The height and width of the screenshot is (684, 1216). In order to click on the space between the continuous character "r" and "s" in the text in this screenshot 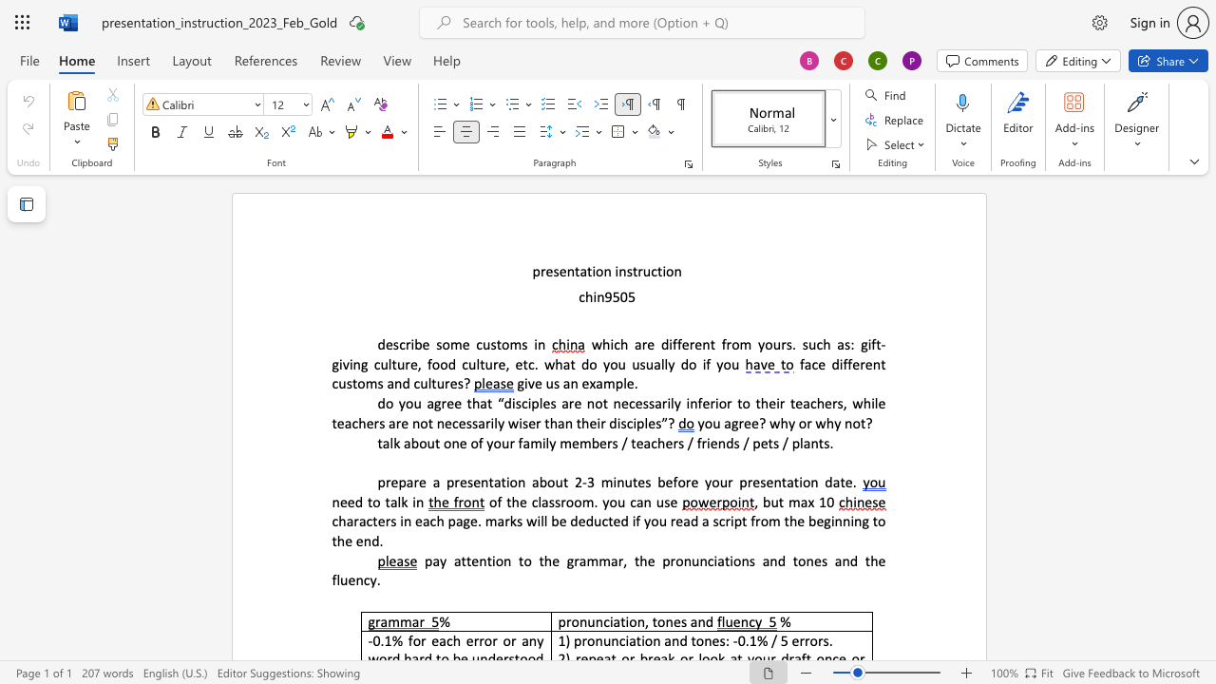, I will do `click(786, 344)`.